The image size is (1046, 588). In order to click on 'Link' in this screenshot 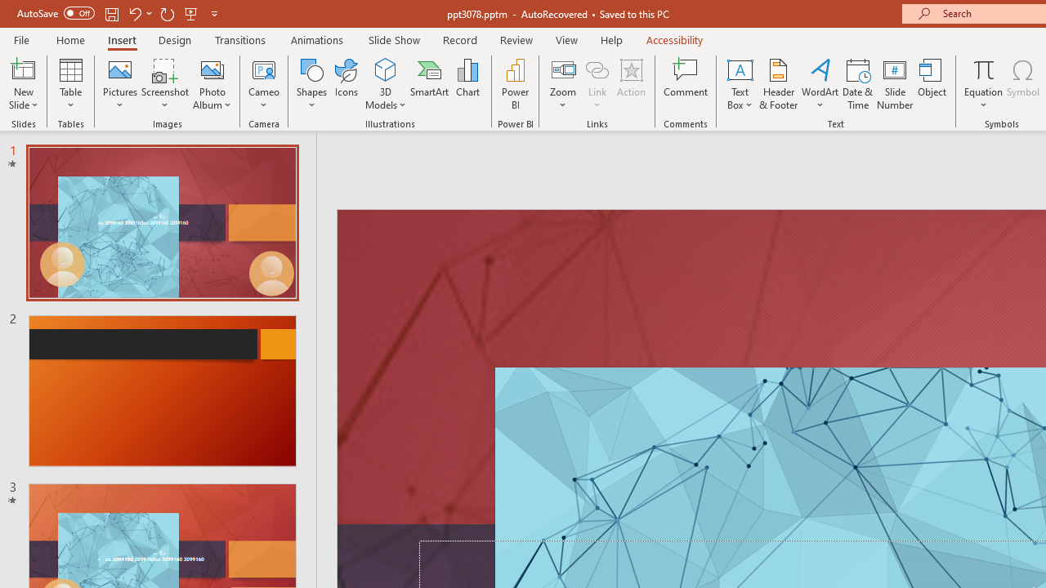, I will do `click(597, 69)`.